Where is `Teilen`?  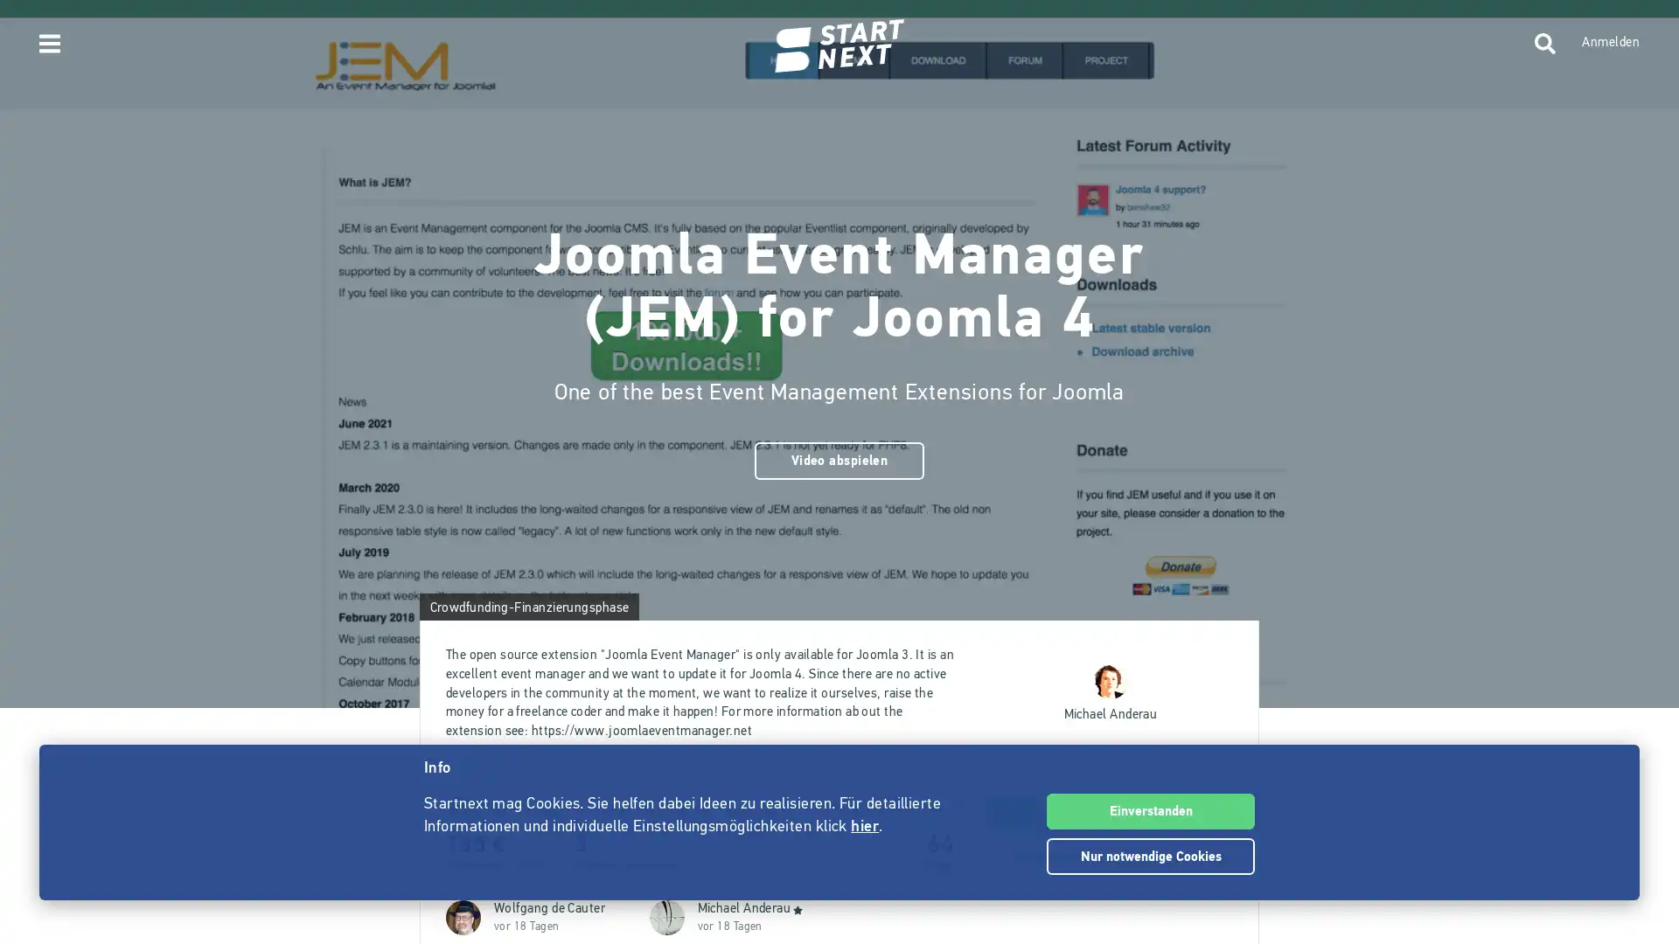
Teilen is located at coordinates (1173, 855).